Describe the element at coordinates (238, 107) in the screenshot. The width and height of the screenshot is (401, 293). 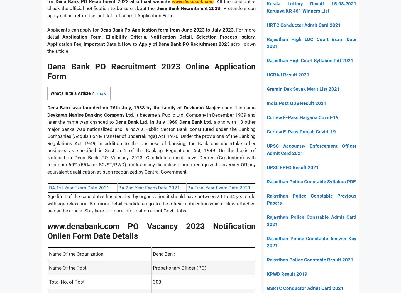
I see `'under the name'` at that location.